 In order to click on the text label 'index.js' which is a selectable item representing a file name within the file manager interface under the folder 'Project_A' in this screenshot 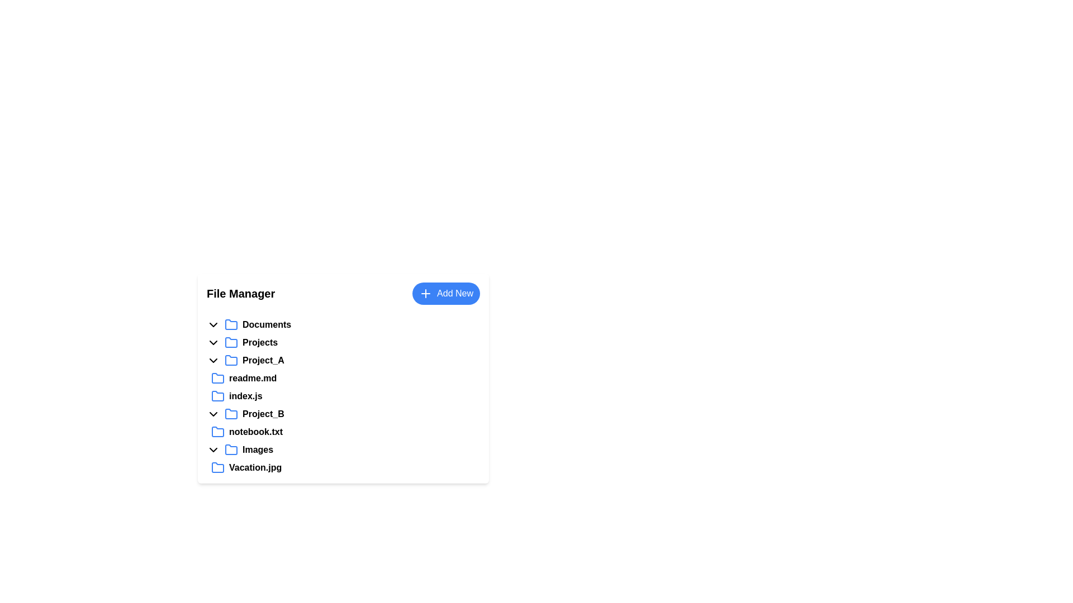, I will do `click(245, 395)`.